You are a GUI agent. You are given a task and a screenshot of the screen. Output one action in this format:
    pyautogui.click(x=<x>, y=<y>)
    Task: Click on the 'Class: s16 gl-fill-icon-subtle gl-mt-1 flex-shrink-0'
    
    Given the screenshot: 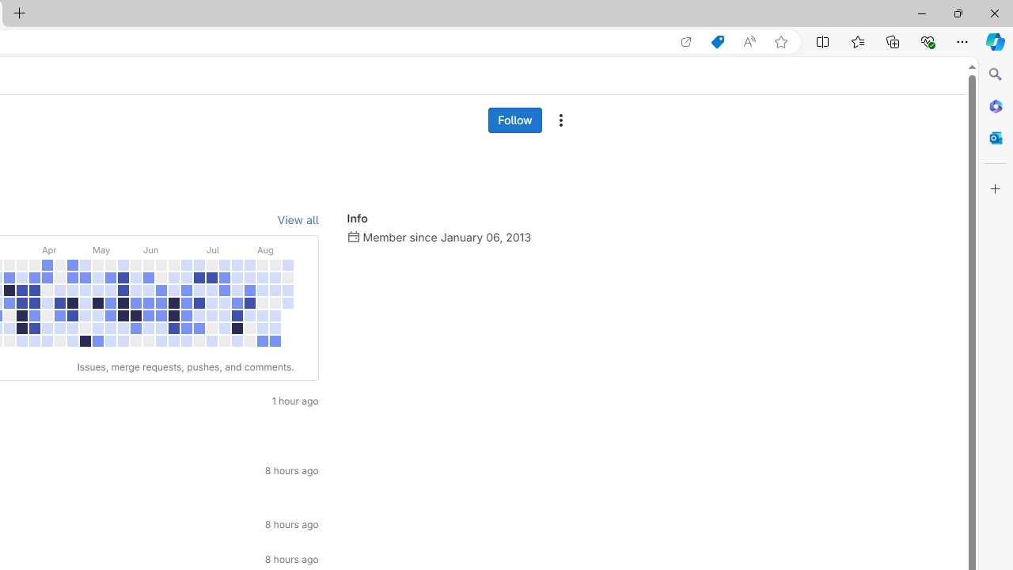 What is the action you would take?
    pyautogui.click(x=352, y=236)
    